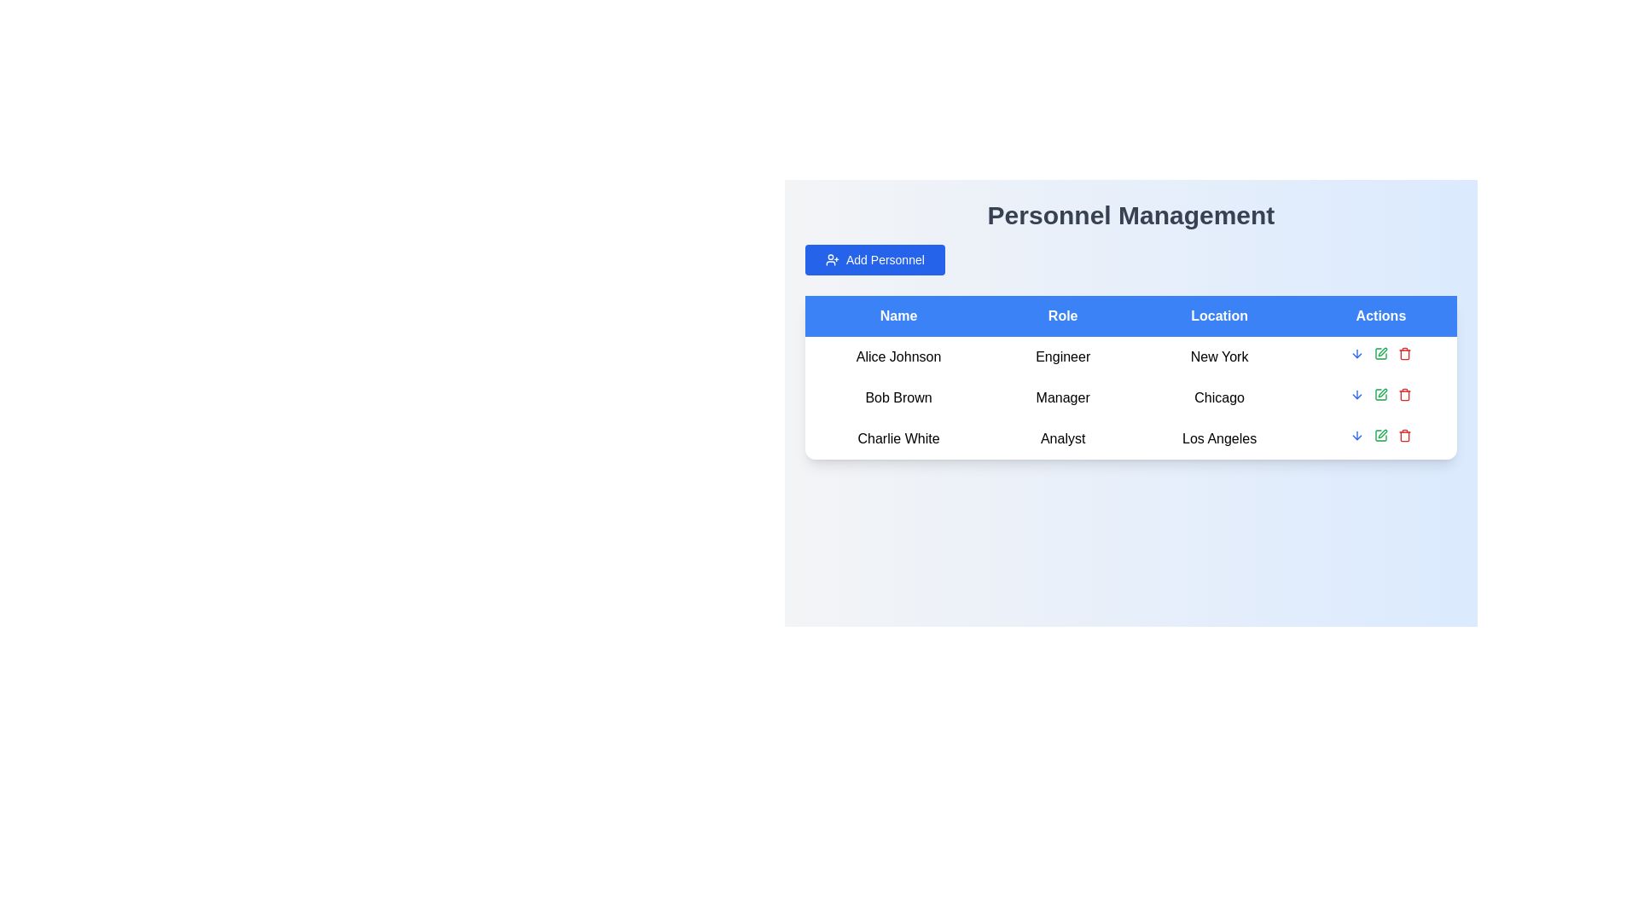 The height and width of the screenshot is (921, 1638). Describe the element at coordinates (897, 316) in the screenshot. I see `the 'Name' label, which is the first header in a blue rectangular block with white text, located in the top-left section of the table header area` at that location.